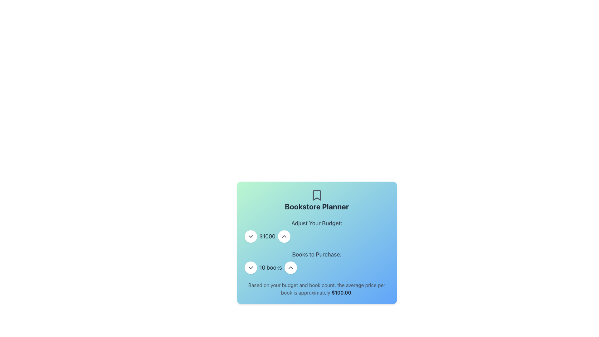 Image resolution: width=599 pixels, height=337 pixels. I want to click on the upward-pointing increment button located on the right side of the 'Books, so click(290, 267).